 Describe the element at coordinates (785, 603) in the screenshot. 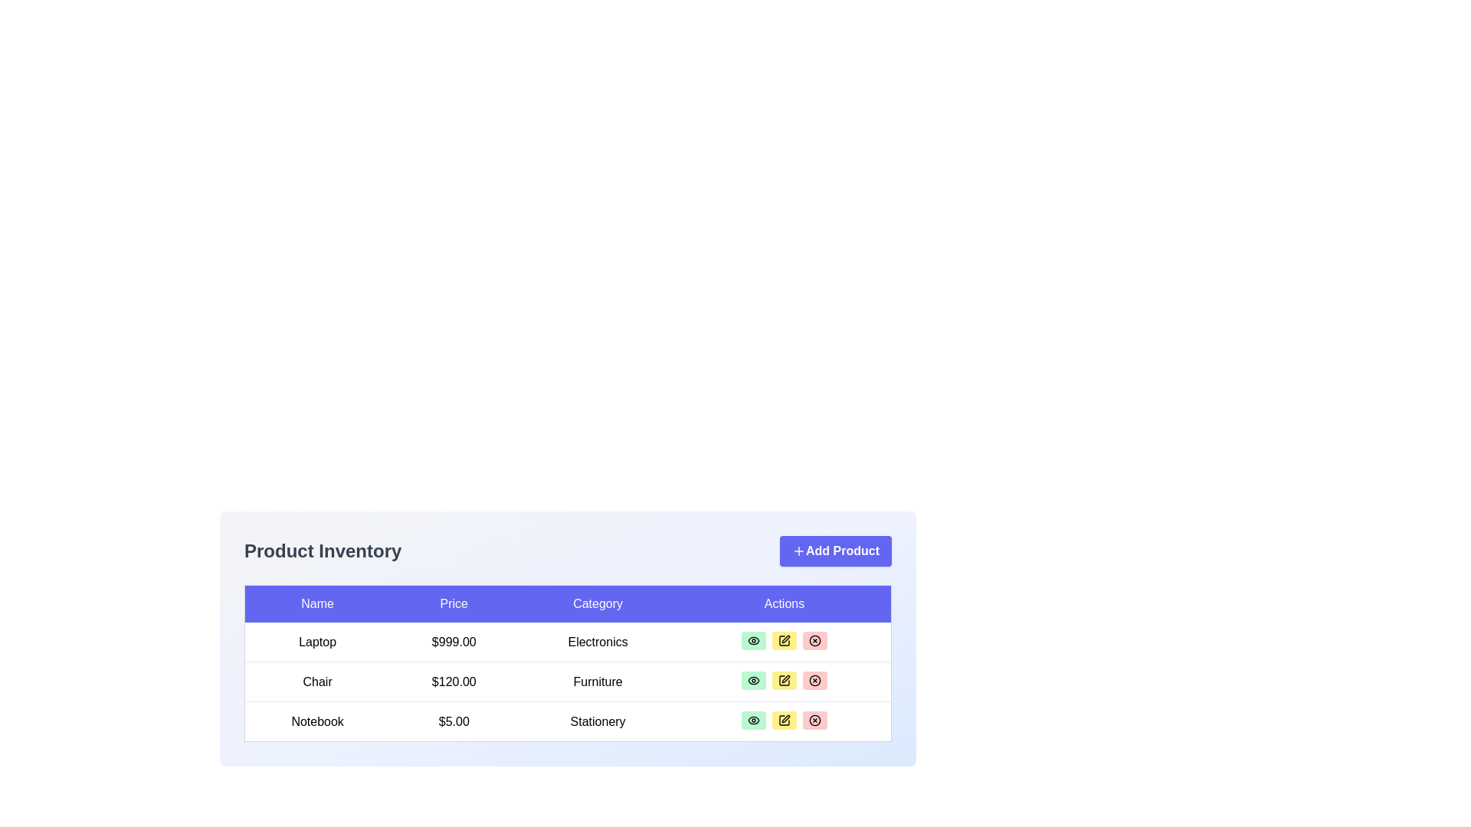

I see `the content of the table header located at the top-right corner of the table header row, immediately right of the 'Category' header and below the 'Product Inventory' label` at that location.